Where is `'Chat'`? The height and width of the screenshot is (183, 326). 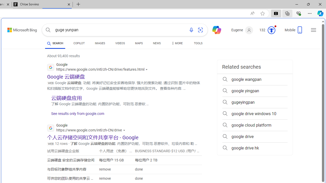
'Chat' is located at coordinates (214, 29).